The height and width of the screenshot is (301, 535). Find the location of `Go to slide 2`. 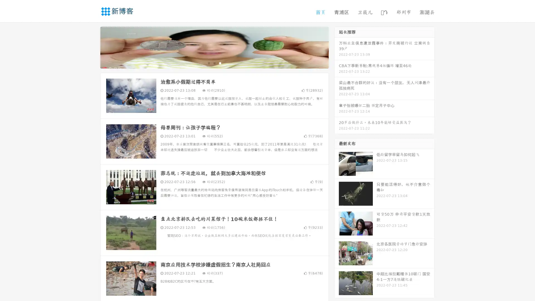

Go to slide 2 is located at coordinates (214, 63).